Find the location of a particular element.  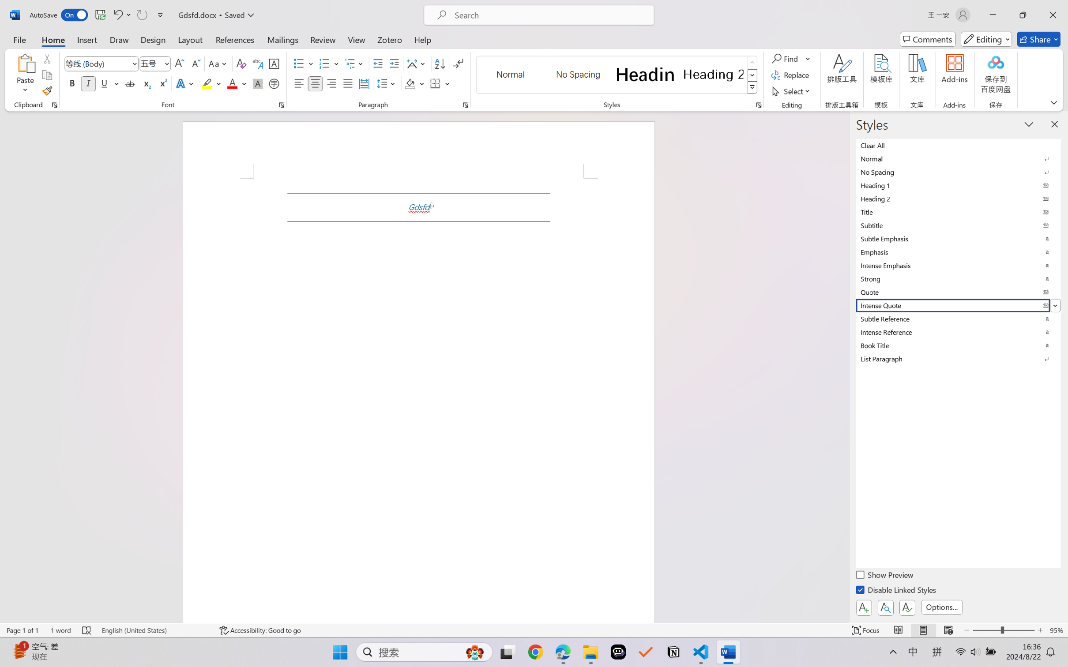

'Shading' is located at coordinates (414, 83).